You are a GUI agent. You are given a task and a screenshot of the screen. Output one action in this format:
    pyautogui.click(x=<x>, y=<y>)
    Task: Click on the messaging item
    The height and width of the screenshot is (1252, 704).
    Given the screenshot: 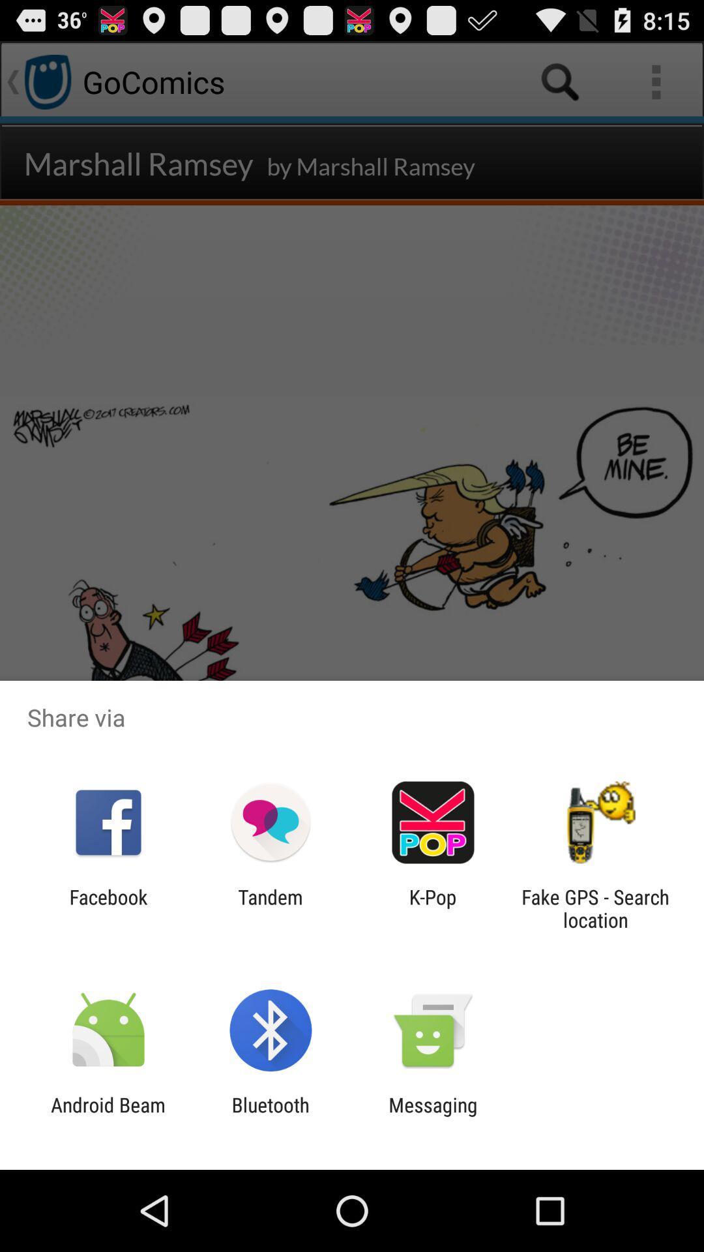 What is the action you would take?
    pyautogui.click(x=433, y=1116)
    